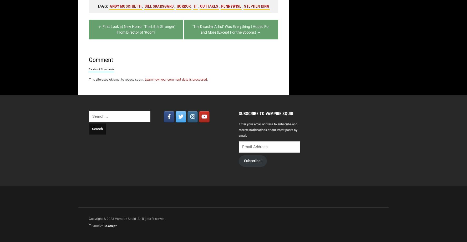 The width and height of the screenshot is (467, 242). Describe the element at coordinates (256, 6) in the screenshot. I see `'Stephen King'` at that location.